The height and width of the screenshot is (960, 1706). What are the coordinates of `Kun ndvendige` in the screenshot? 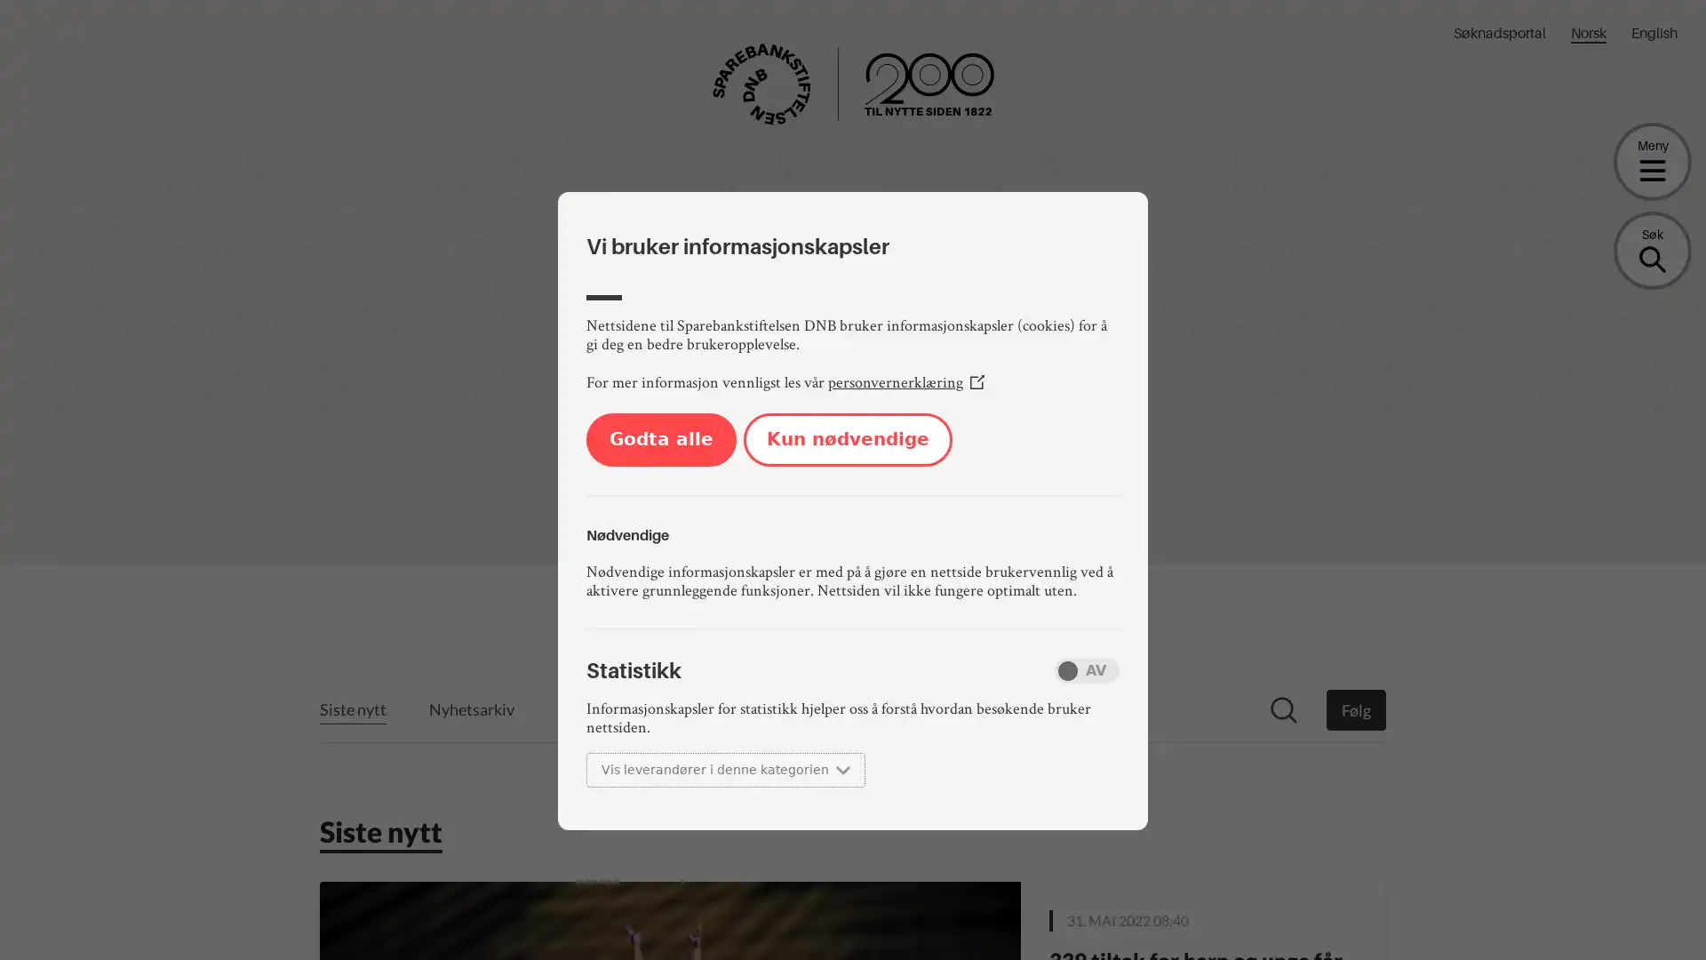 It's located at (847, 439).